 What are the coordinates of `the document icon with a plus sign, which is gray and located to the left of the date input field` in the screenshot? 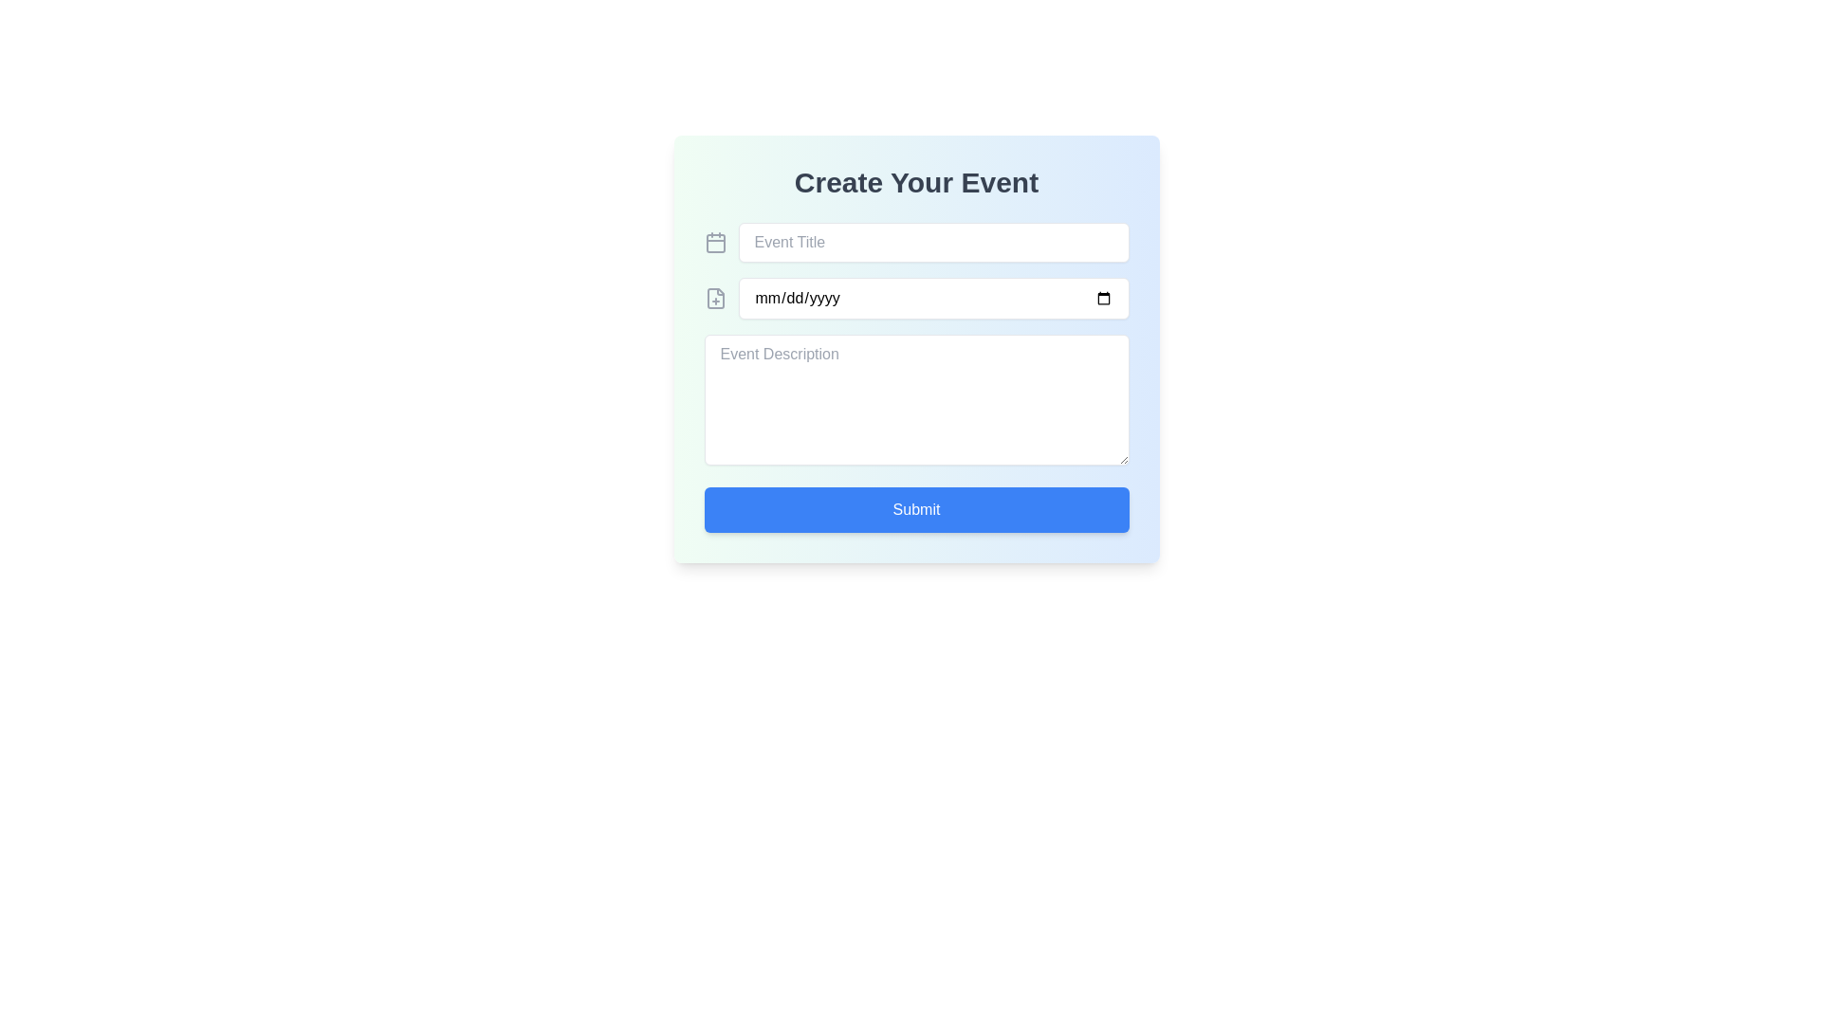 It's located at (714, 299).